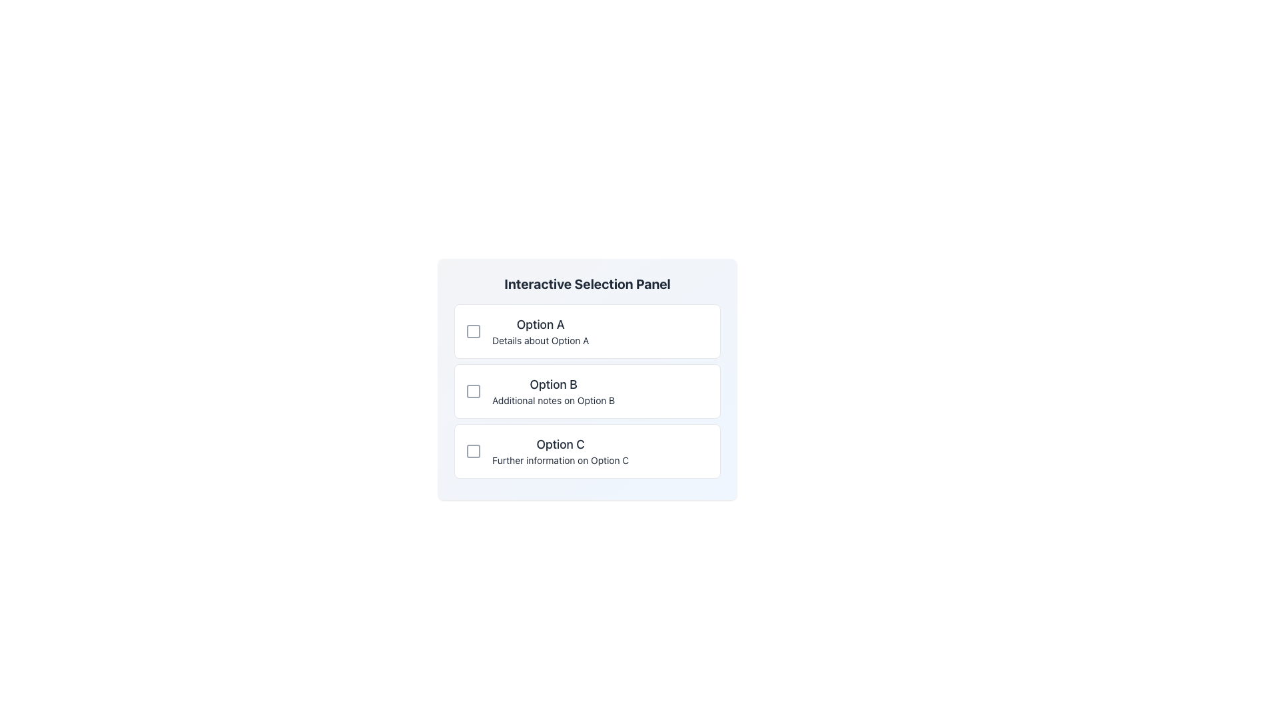 This screenshot has width=1279, height=719. I want to click on the text label that identifies the second selectable option in the list, positioned between 'Option A' and 'Option C', so click(554, 385).